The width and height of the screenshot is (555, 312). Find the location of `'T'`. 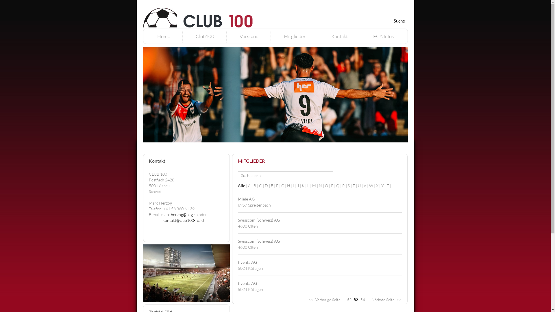

'T' is located at coordinates (352, 185).